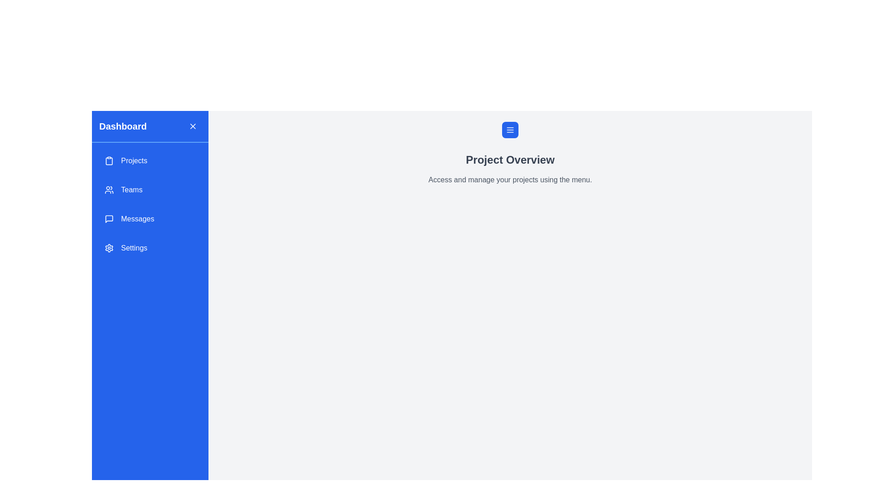 Image resolution: width=874 pixels, height=491 pixels. Describe the element at coordinates (133, 160) in the screenshot. I see `the 'Projects' menu item label located directly to the right of the clipboard icon in the vertical sidebar, which is the first entry below the 'Dashboard' title` at that location.